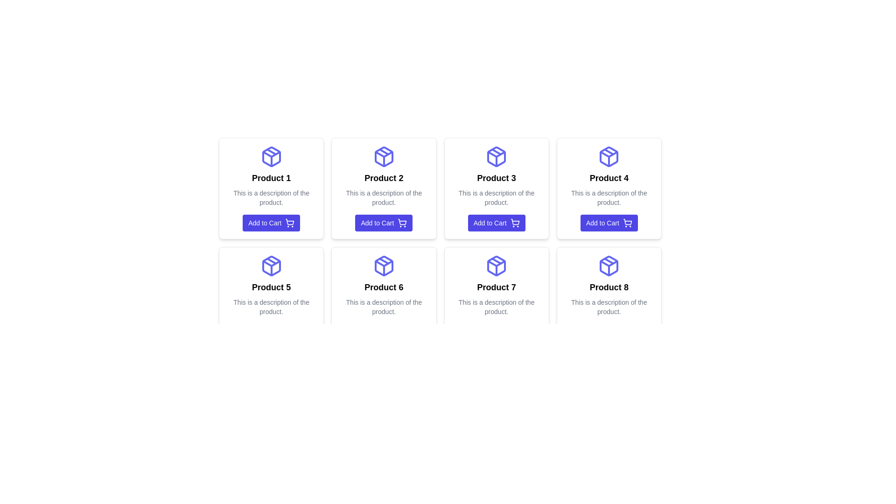 Image resolution: width=896 pixels, height=504 pixels. What do you see at coordinates (384, 154) in the screenshot?
I see `the decorative triangular SVG element located at the center of the box graphic above the 'Product 2' label in the second product card` at bounding box center [384, 154].